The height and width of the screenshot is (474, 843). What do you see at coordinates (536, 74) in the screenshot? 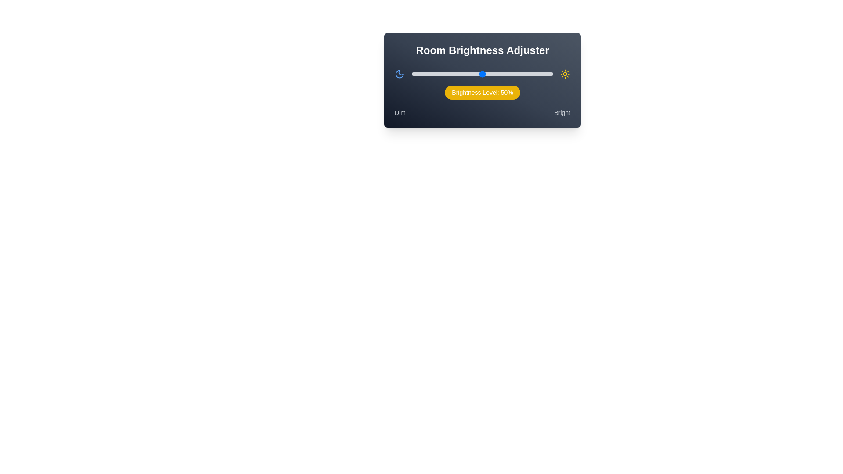
I see `the brightness slider to 88%` at bounding box center [536, 74].